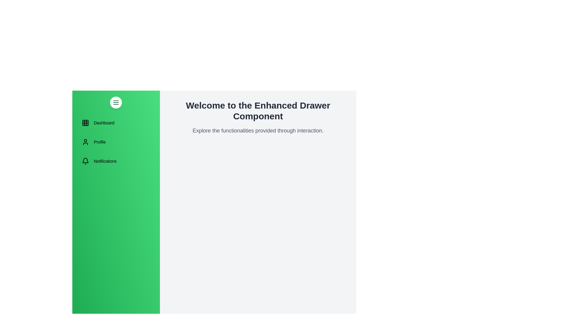  Describe the element at coordinates (116, 142) in the screenshot. I see `the menu item Profile to highlight it` at that location.